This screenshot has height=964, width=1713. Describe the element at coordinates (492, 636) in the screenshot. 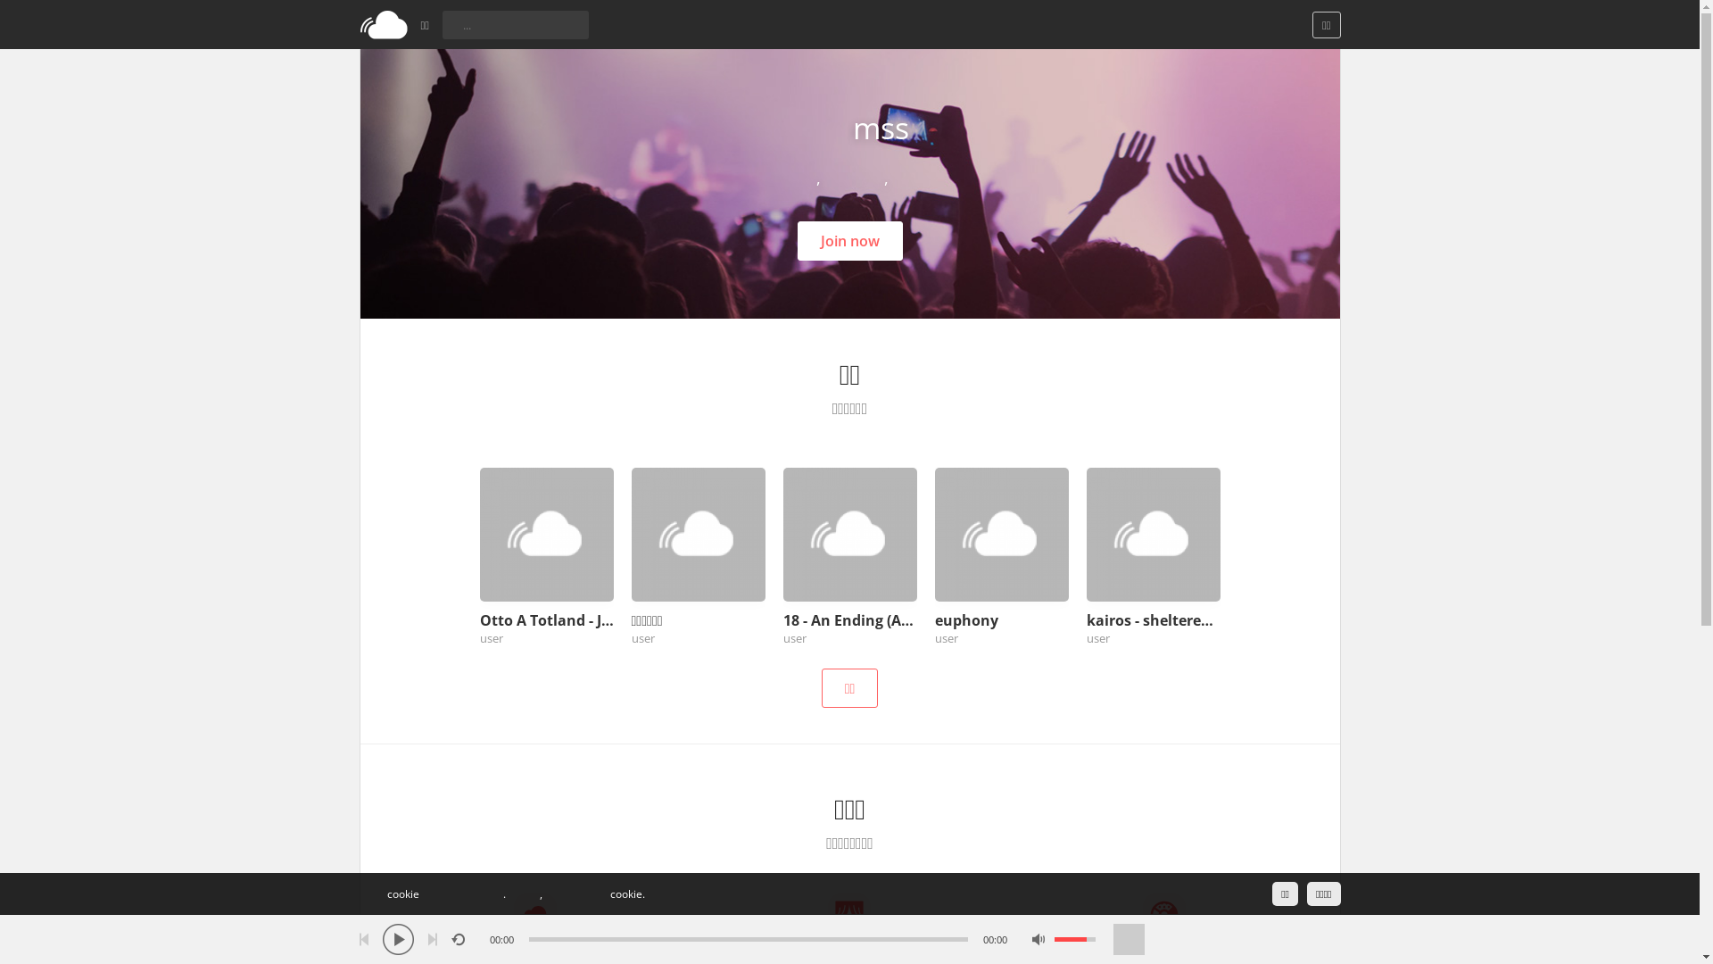

I see `'user'` at that location.